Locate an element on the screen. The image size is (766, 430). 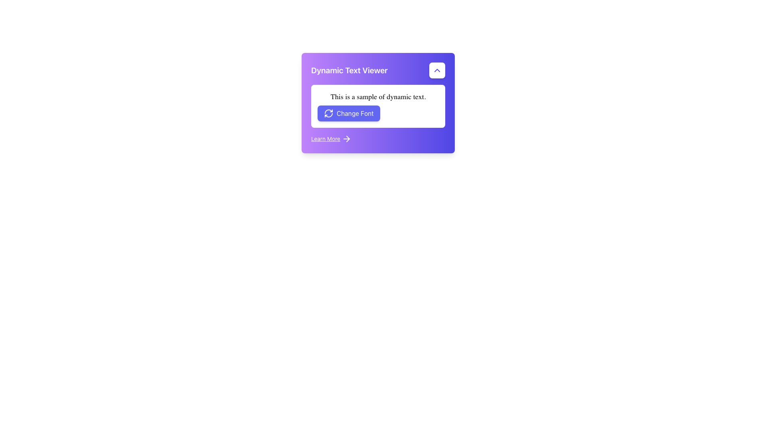
the decorative icon located to the left of the 'Change Font' text within the button in the 'Dynamic Text Viewer' card is located at coordinates (329, 113).